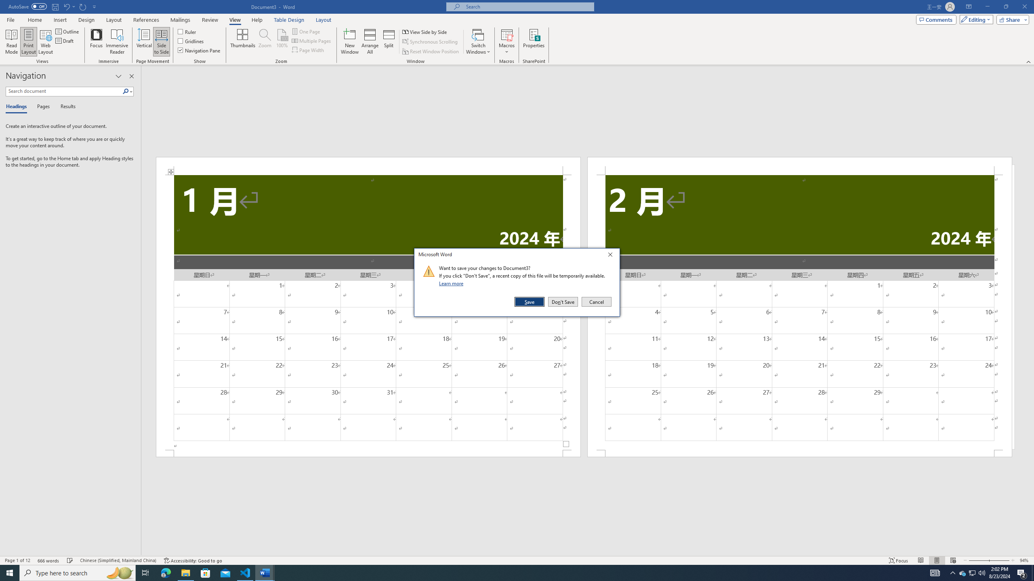 Image resolution: width=1034 pixels, height=581 pixels. I want to click on 'Show desktop', so click(1032, 572).